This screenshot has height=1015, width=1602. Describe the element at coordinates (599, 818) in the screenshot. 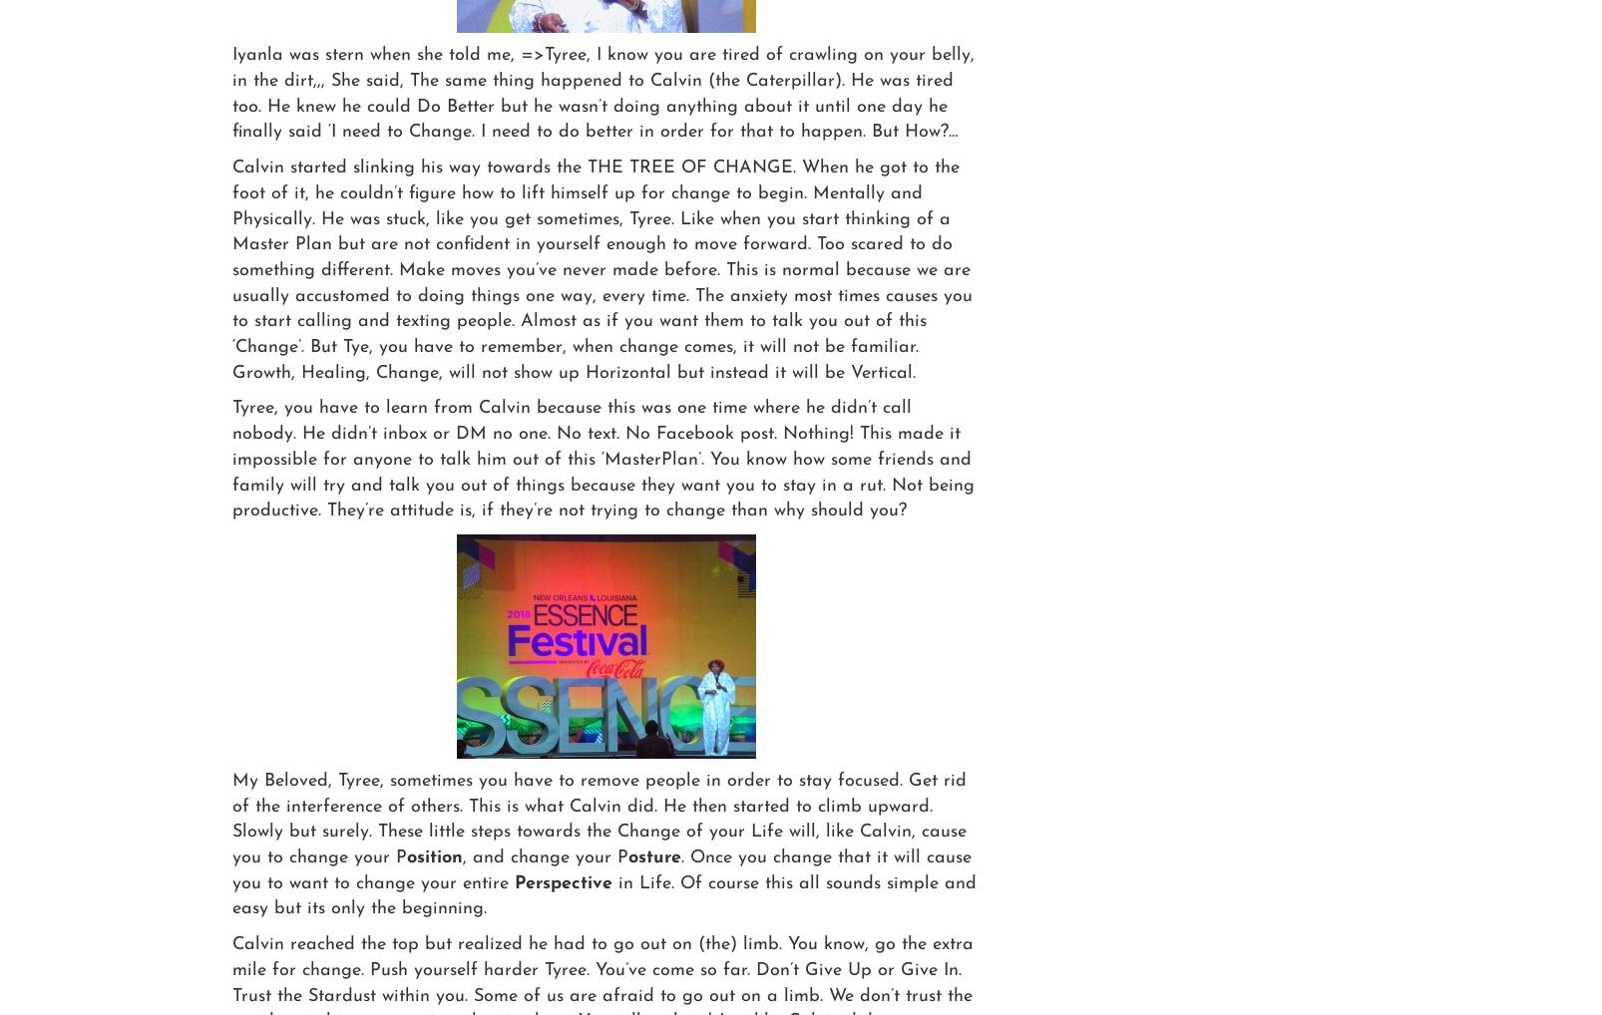

I see `'My Beloved, Tyree, sometimes you have to remove people in order to stay focused. Get rid of the interference of others. This is what Calvin did. He then started to climb upward. Slowly but surely. These little steps towards the Change of your Life will, like Calvin, cause you to change your P'` at that location.